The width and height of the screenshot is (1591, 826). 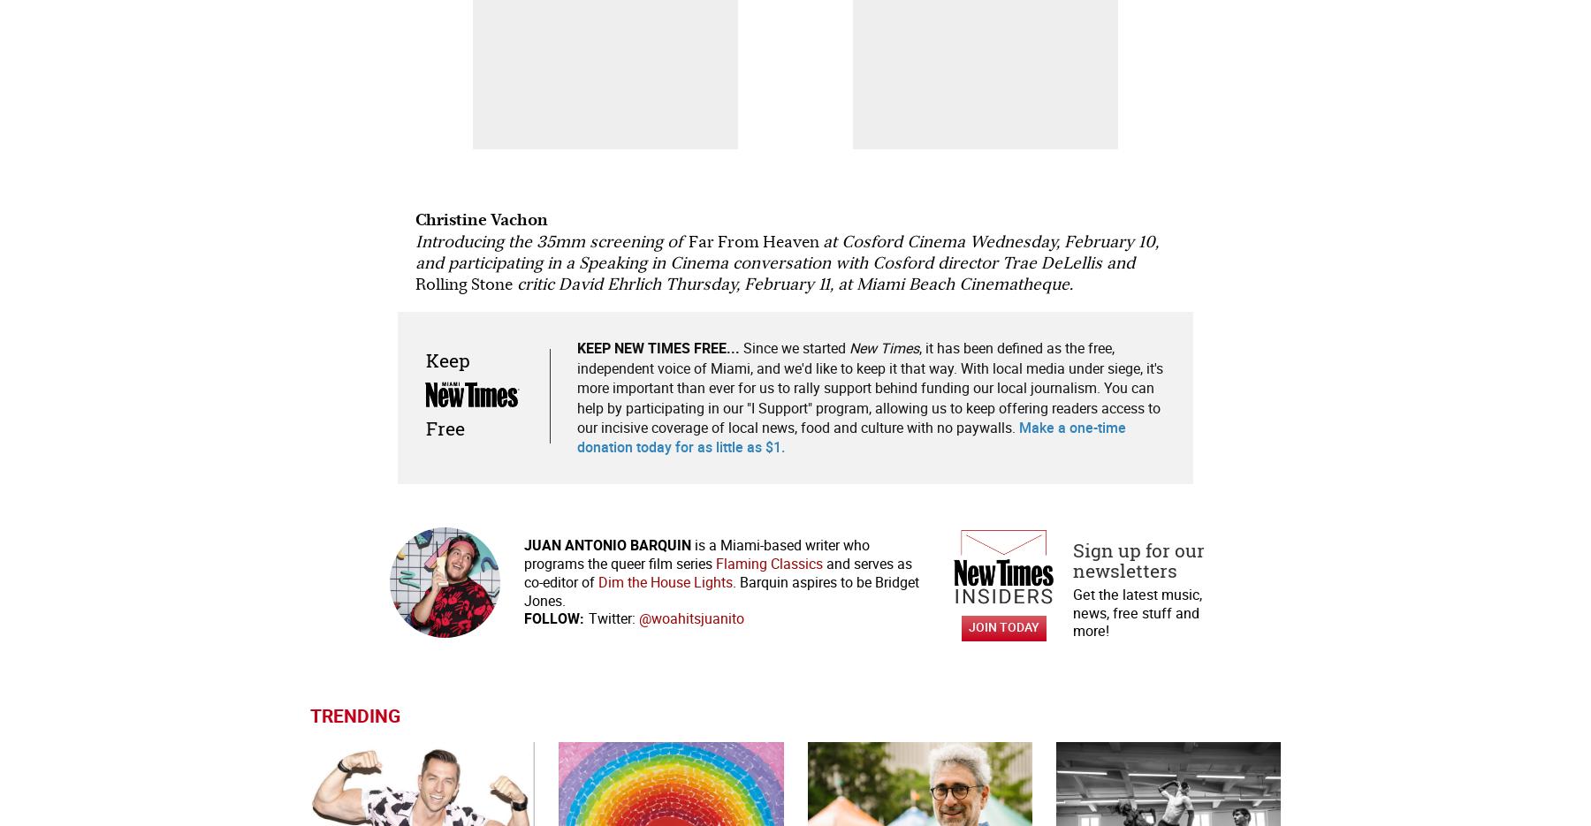 What do you see at coordinates (447, 360) in the screenshot?
I see `'Keep'` at bounding box center [447, 360].